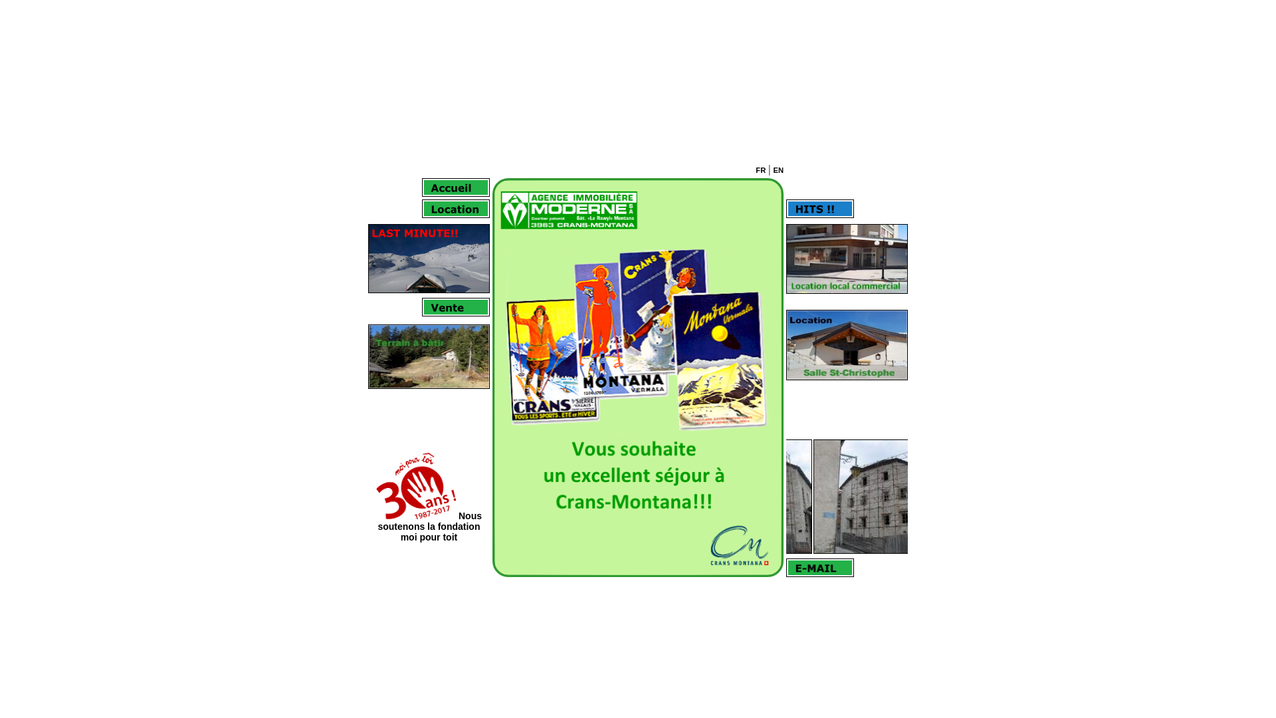 Image resolution: width=1276 pixels, height=718 pixels. I want to click on 'EN', so click(778, 169).